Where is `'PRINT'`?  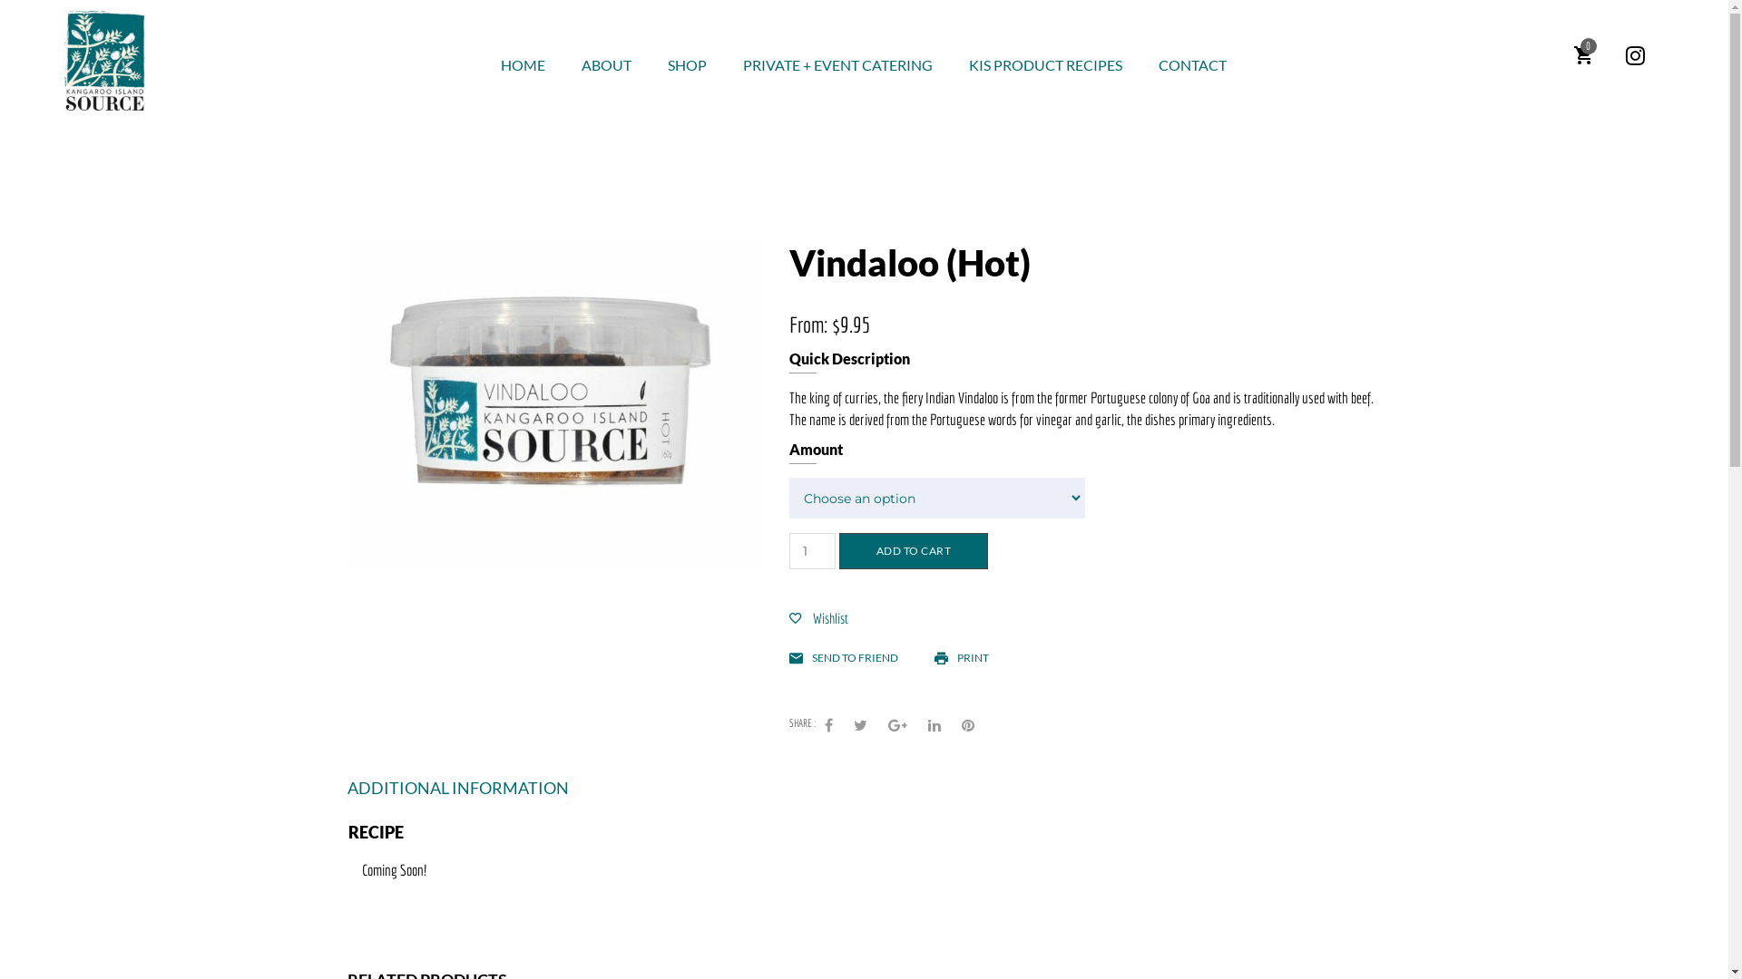 'PRINT' is located at coordinates (961, 657).